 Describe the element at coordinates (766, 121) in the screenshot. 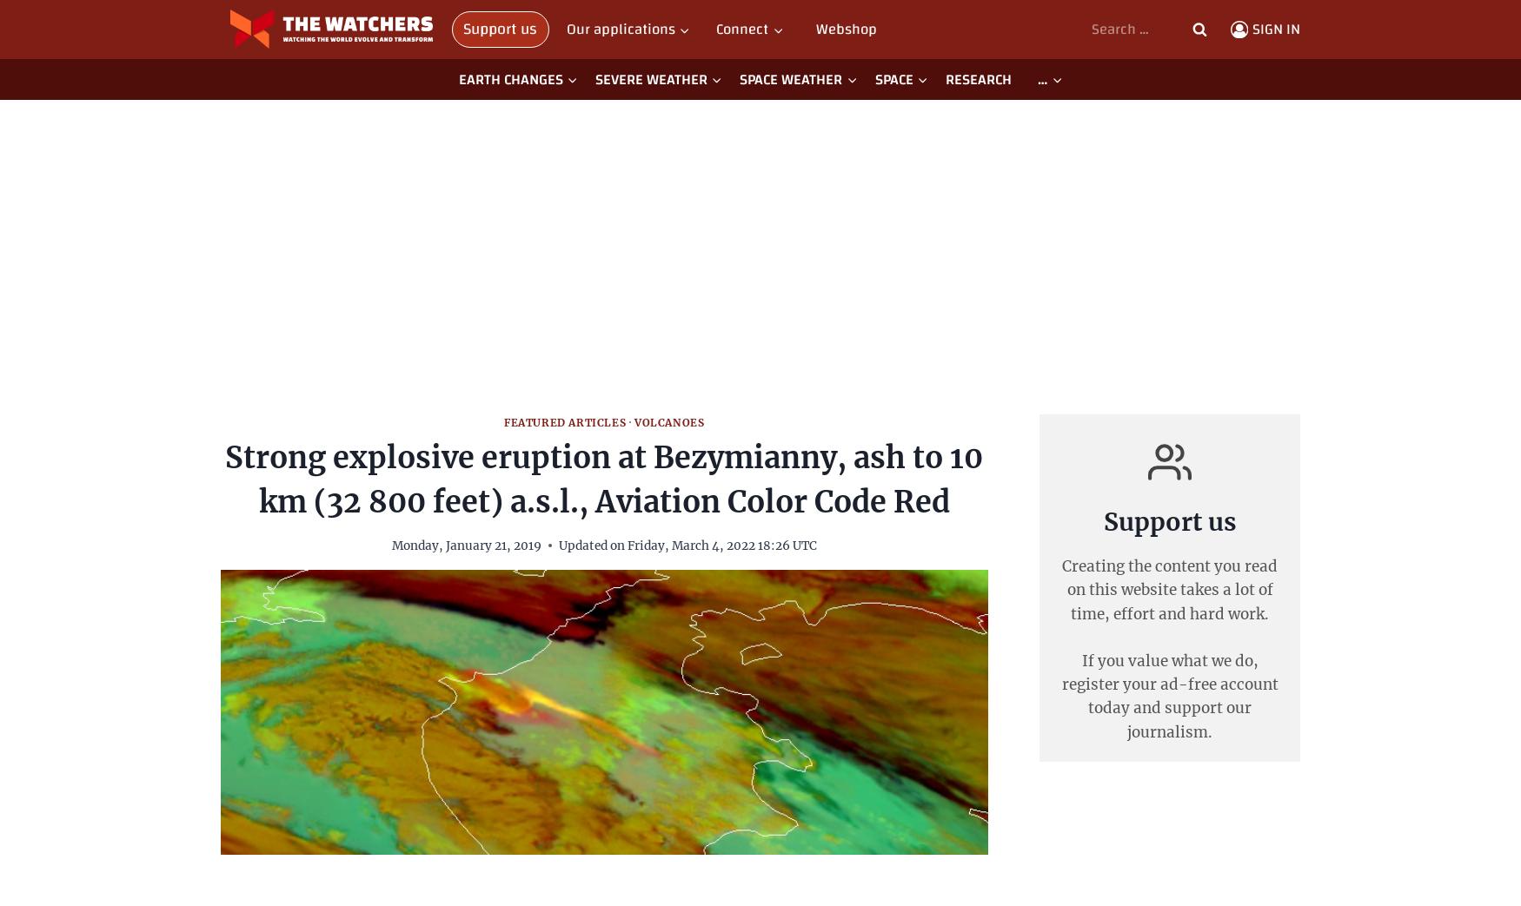

I see `'Tsunami'` at that location.